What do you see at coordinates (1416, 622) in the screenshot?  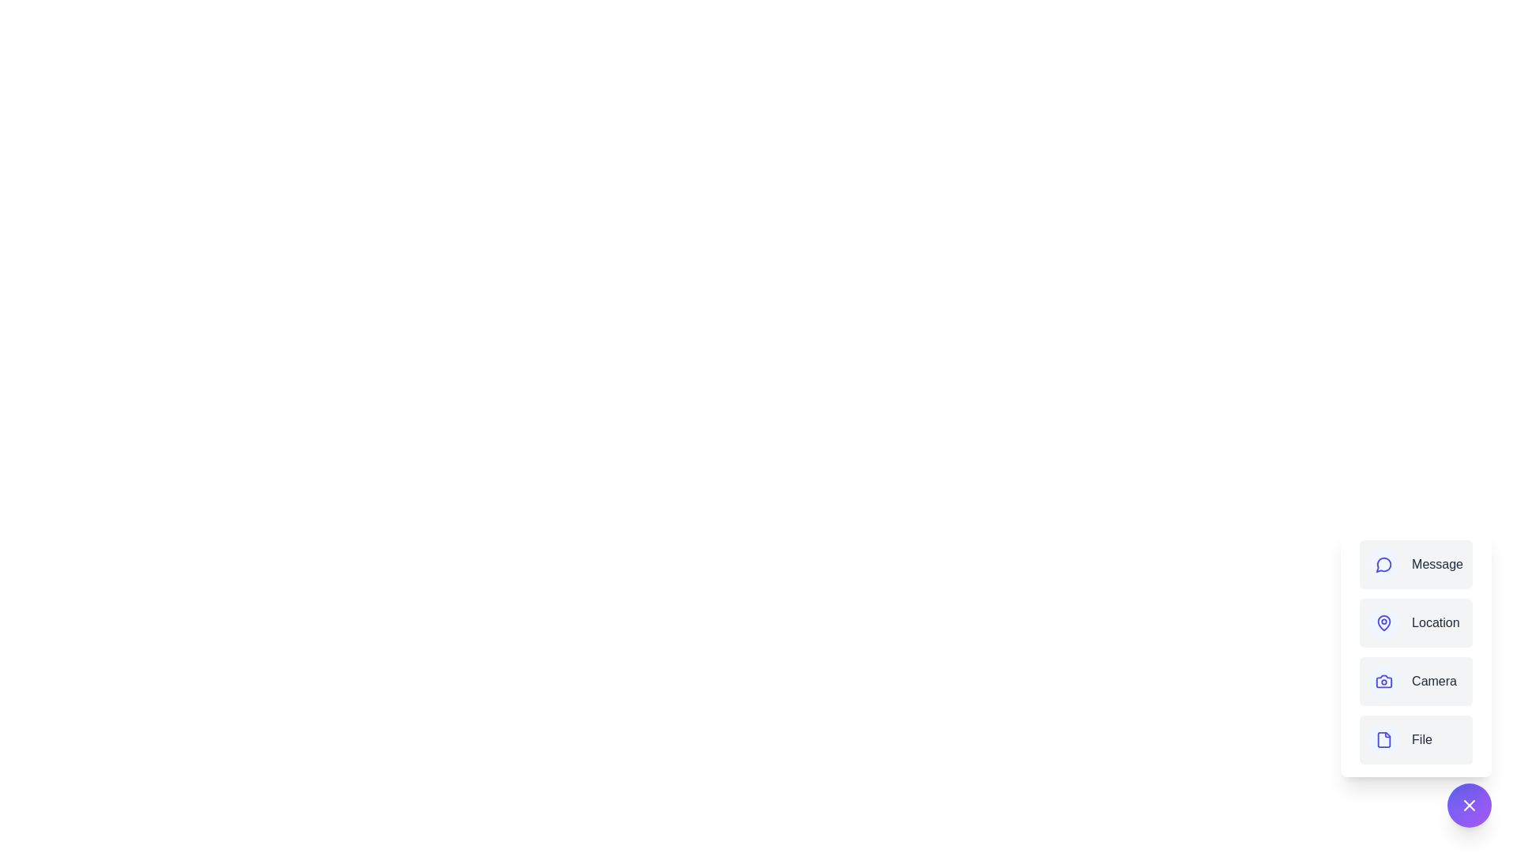 I see `the action labeled Location` at bounding box center [1416, 622].